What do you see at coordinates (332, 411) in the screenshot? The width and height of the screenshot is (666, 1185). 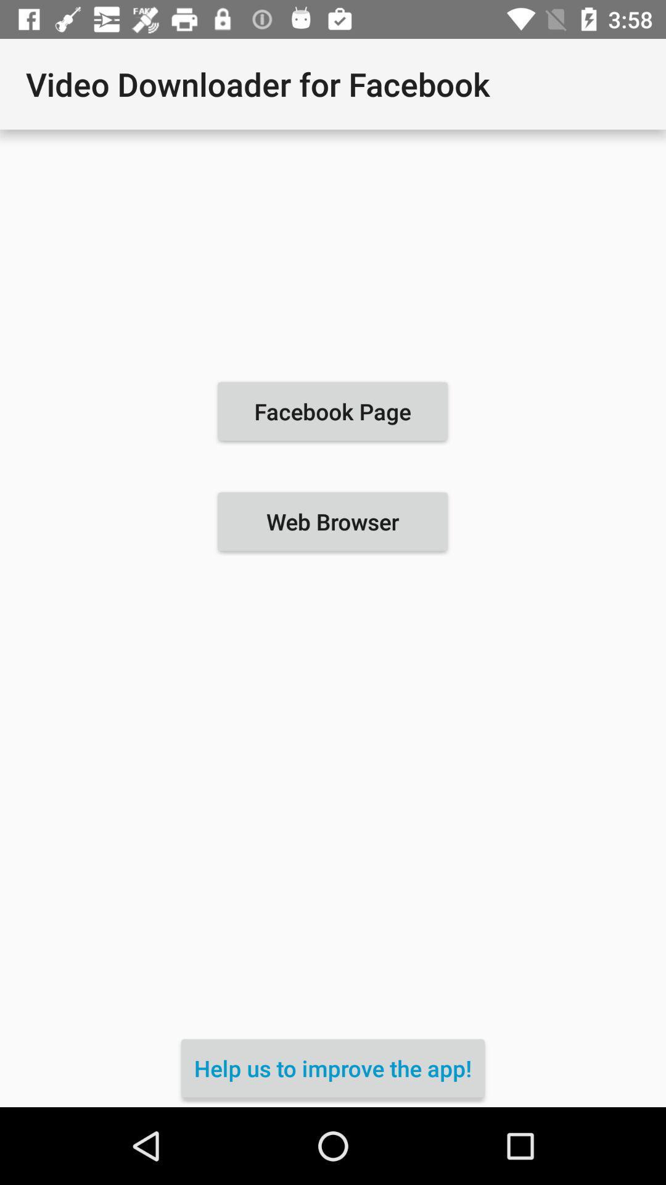 I see `icon above the web browser icon` at bounding box center [332, 411].